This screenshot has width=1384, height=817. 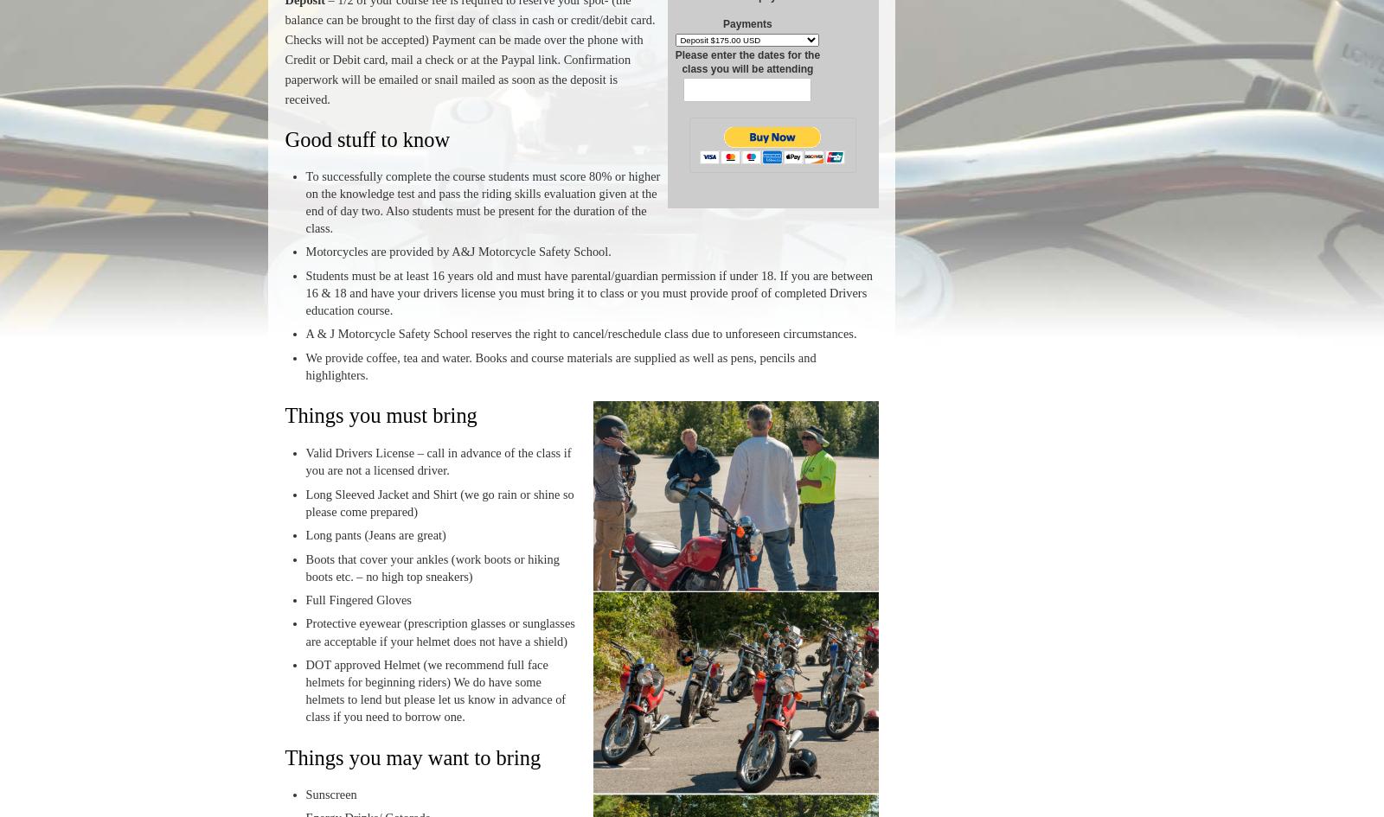 I want to click on 'We provide coffee, tea and water. Books and course materials are supplied as well as pens, pencils and highlighters.', so click(x=561, y=365).